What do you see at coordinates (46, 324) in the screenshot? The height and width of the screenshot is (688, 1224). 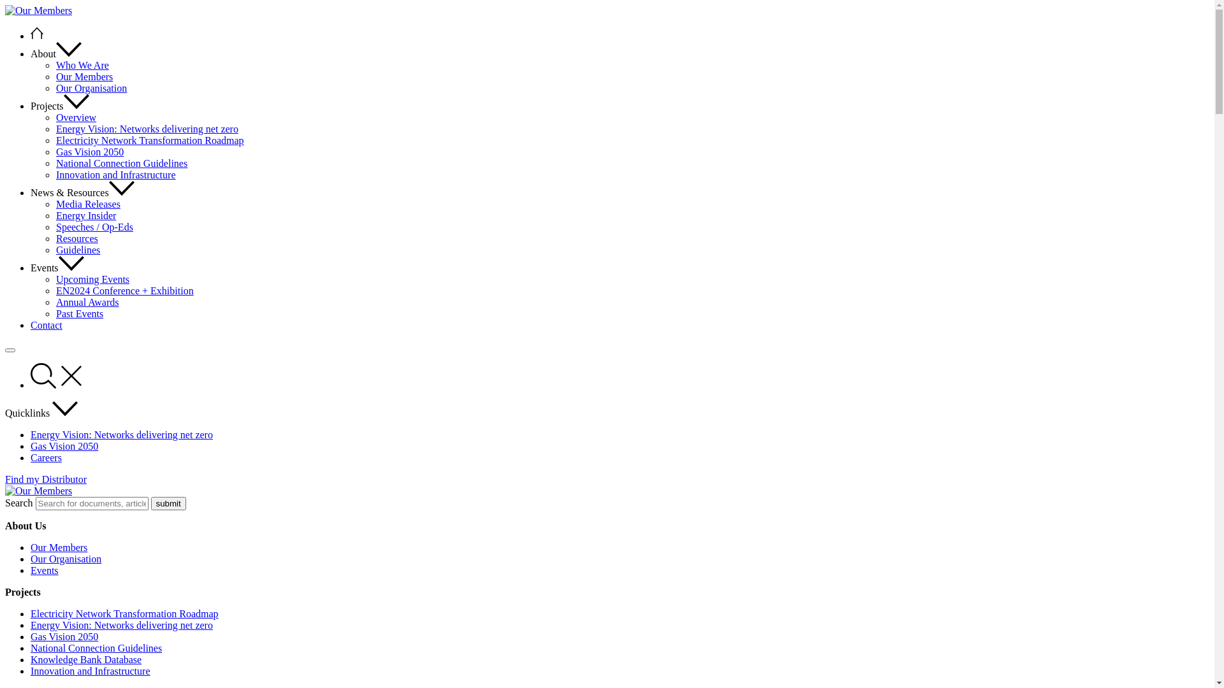 I see `'Contact'` at bounding box center [46, 324].